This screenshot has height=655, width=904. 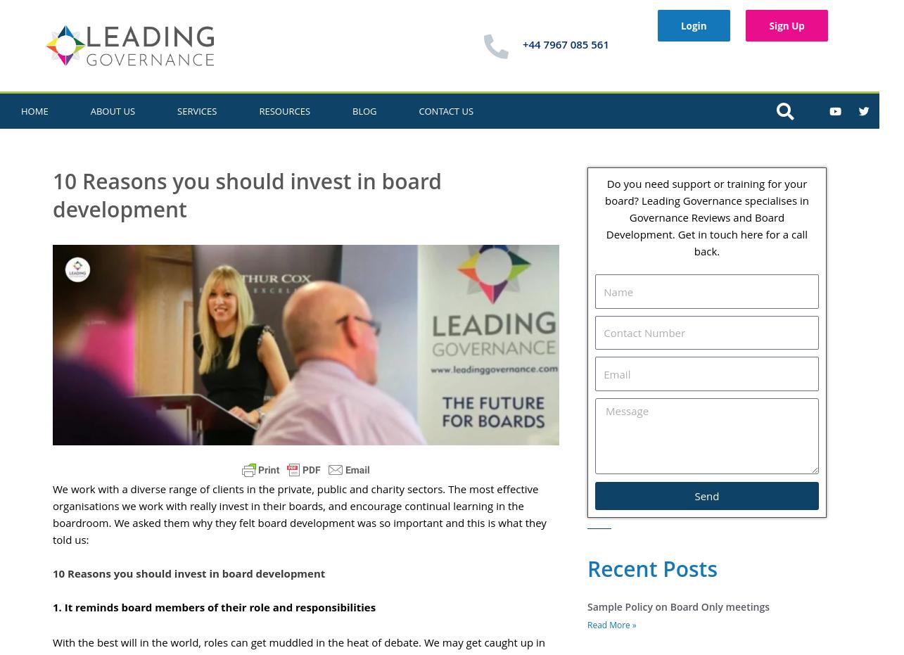 I want to click on 'Read More »', so click(x=585, y=624).